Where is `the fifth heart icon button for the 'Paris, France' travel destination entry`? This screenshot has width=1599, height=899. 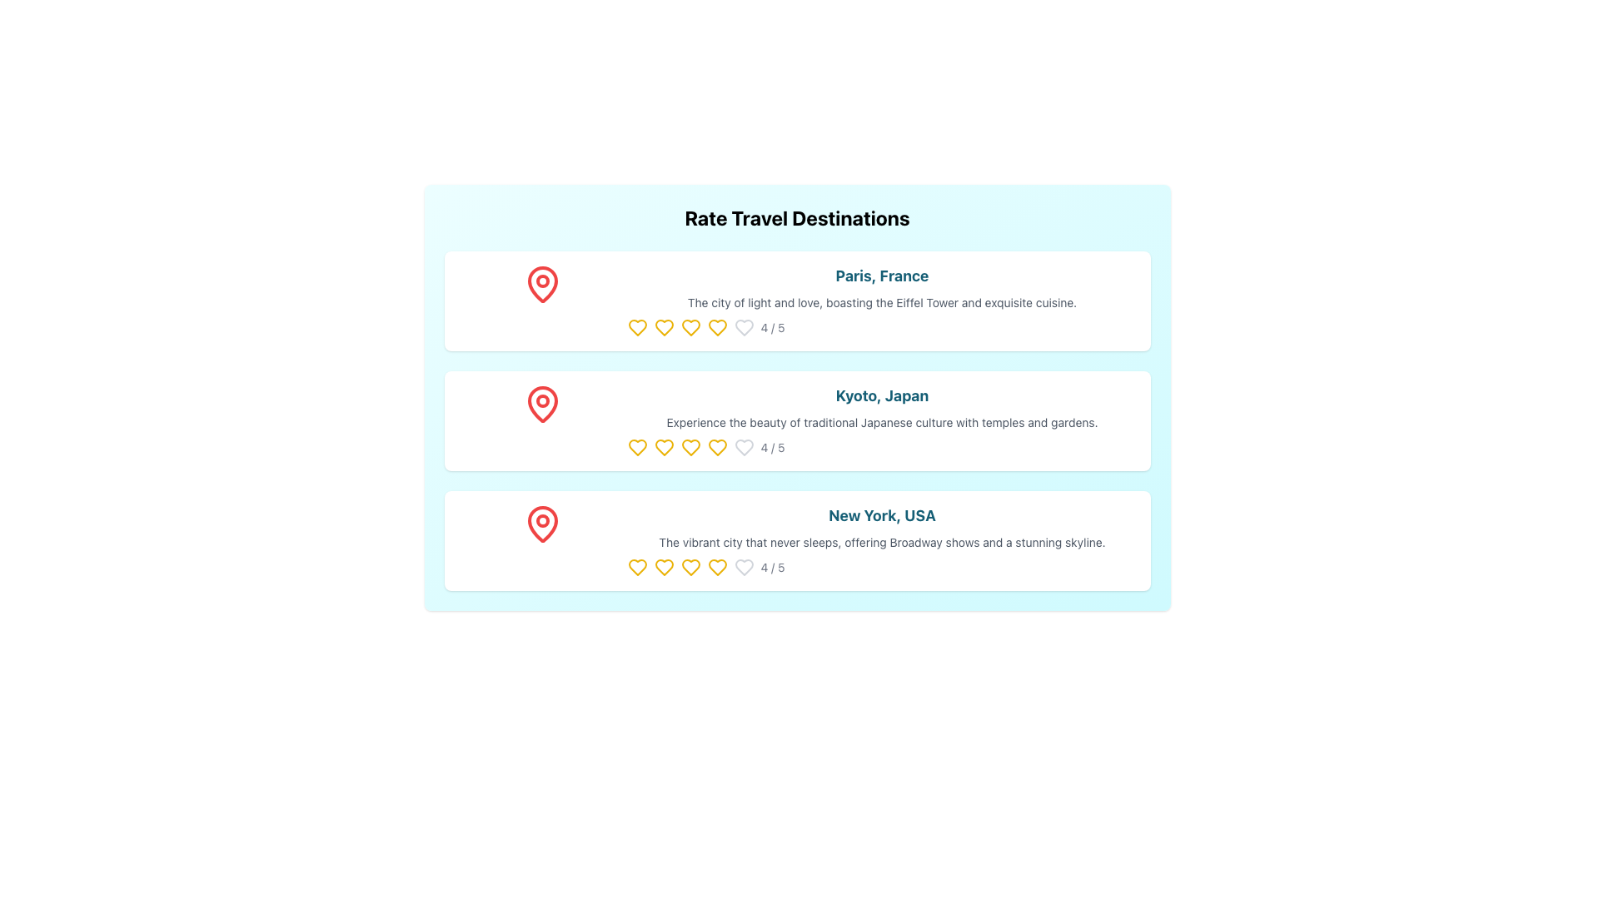 the fifth heart icon button for the 'Paris, France' travel destination entry is located at coordinates (743, 327).